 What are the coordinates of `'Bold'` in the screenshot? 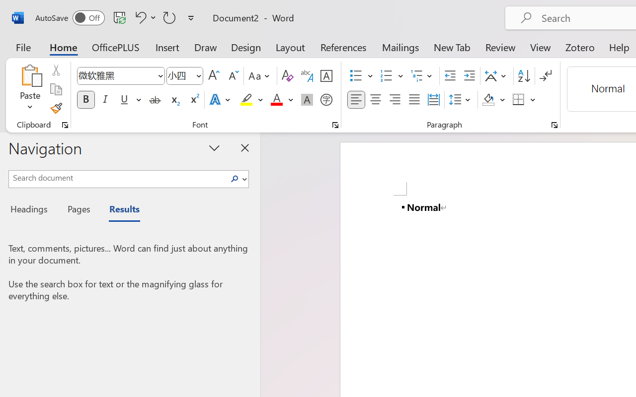 It's located at (85, 100).